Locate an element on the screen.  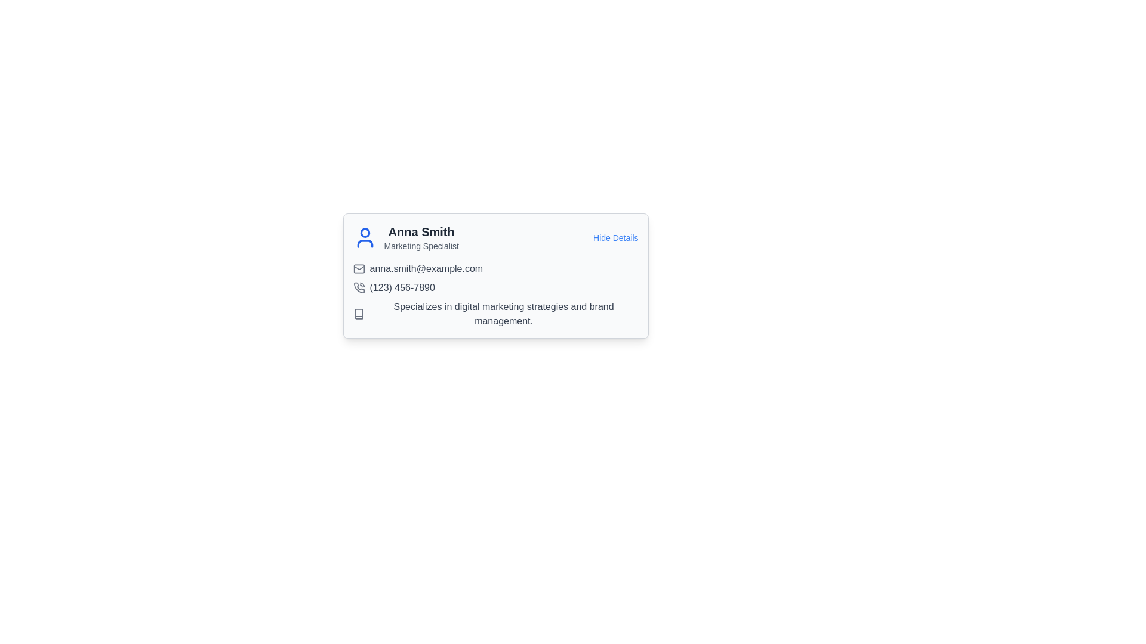
the envelope icon representing the email address 'anna.smith@example.com', which is the leading visual element in the row containing the email text is located at coordinates (358, 269).